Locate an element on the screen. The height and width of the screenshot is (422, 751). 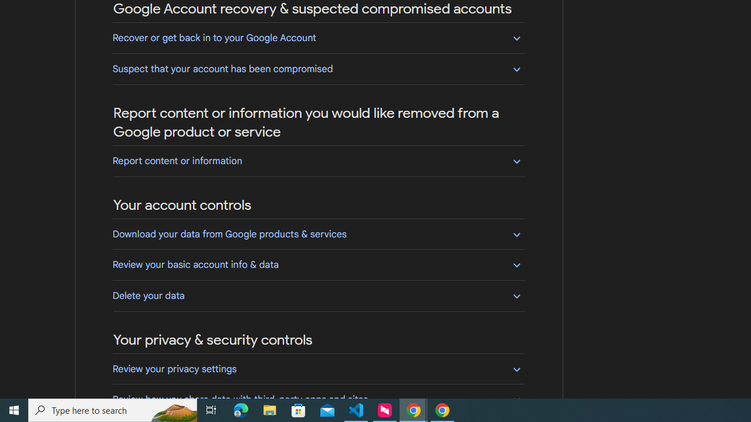
'Review how you share data with third-party apps and sites' is located at coordinates (318, 399).